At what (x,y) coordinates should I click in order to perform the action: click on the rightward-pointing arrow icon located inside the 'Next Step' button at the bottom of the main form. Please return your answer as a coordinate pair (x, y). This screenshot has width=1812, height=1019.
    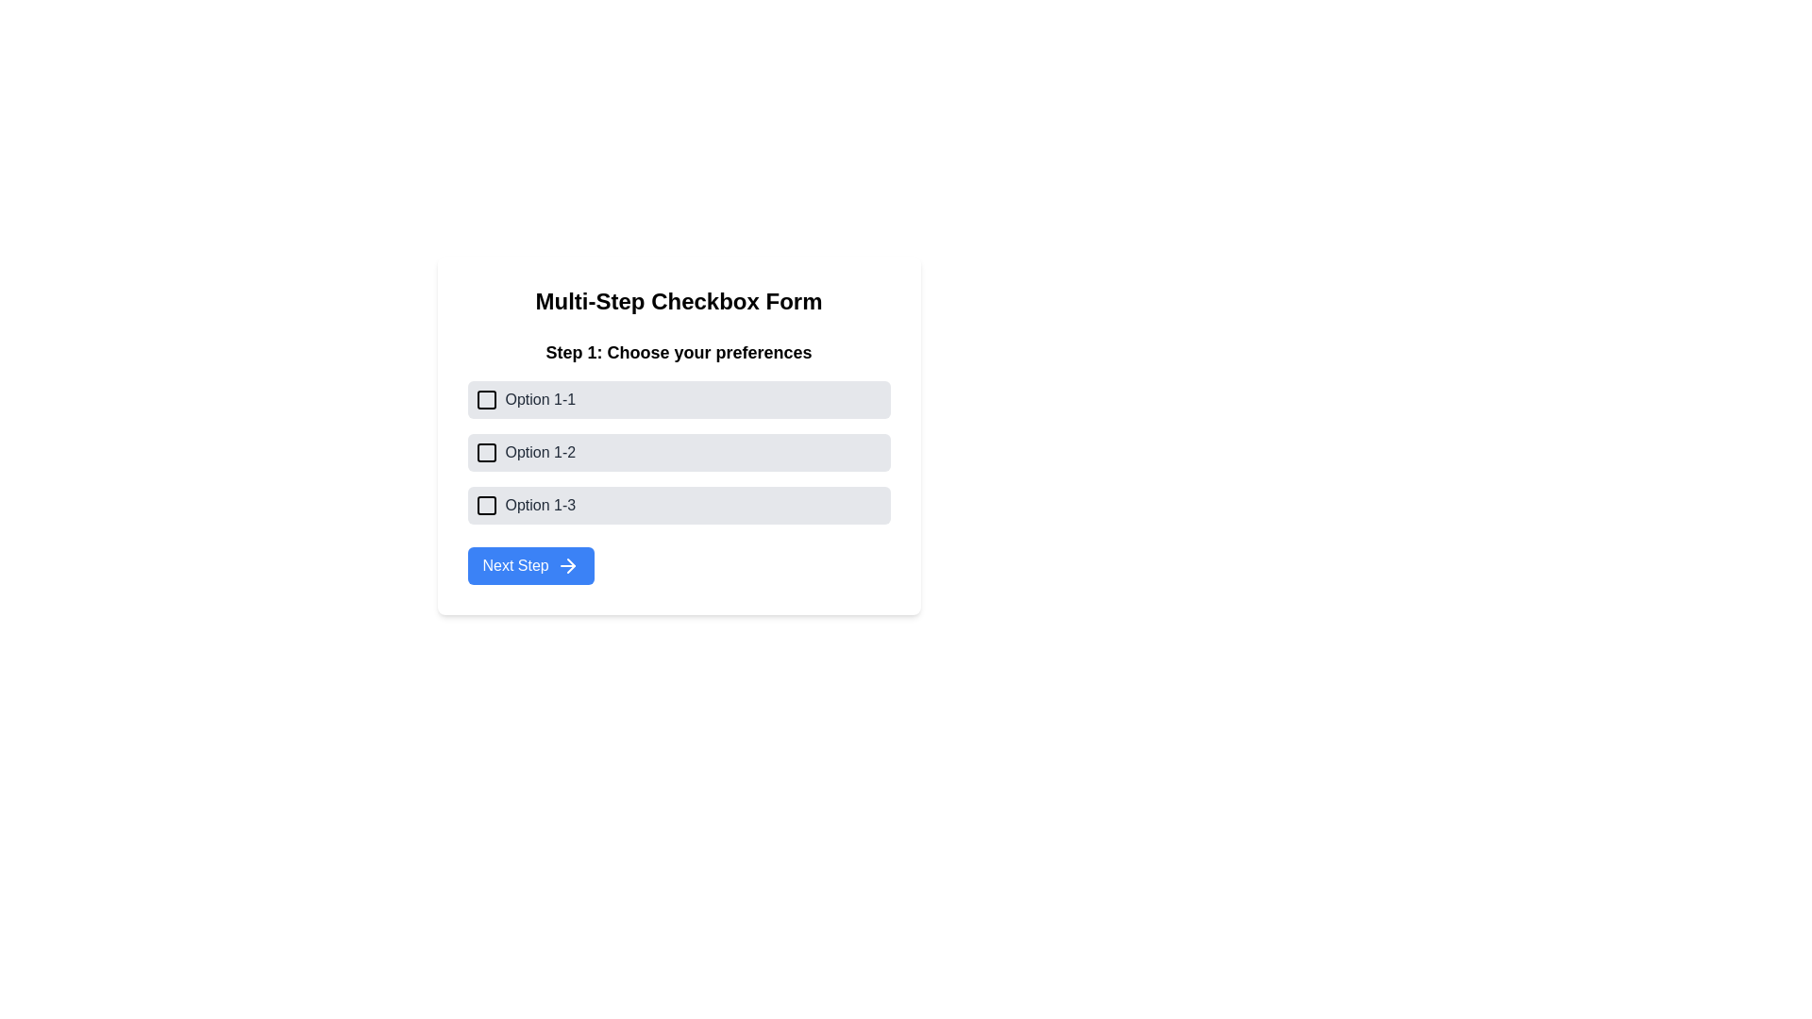
    Looking at the image, I should click on (566, 565).